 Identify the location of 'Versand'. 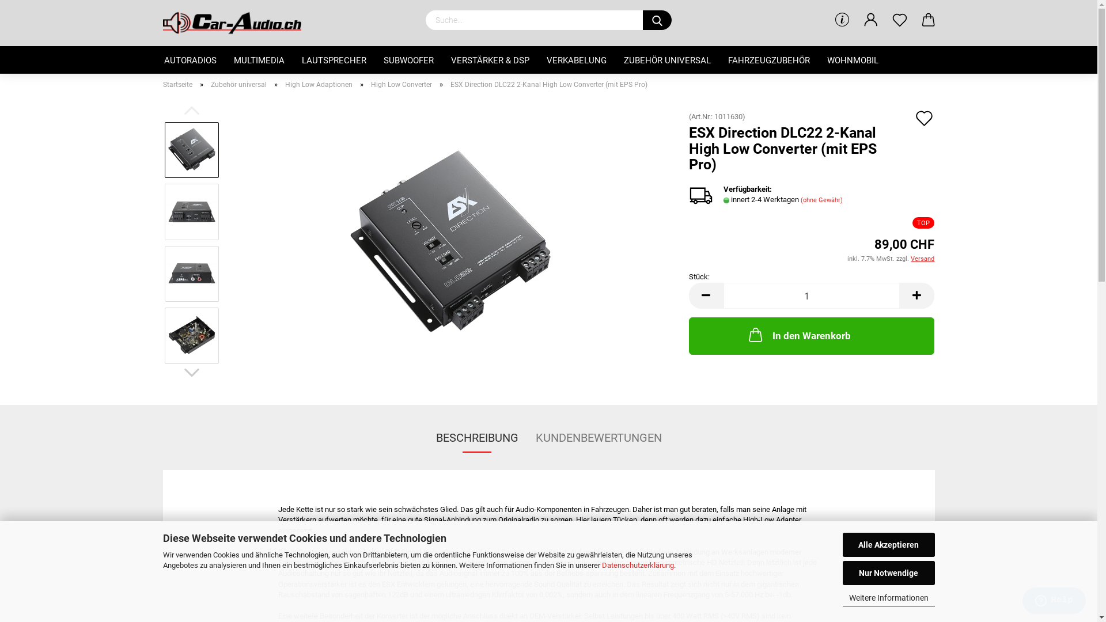
(922, 258).